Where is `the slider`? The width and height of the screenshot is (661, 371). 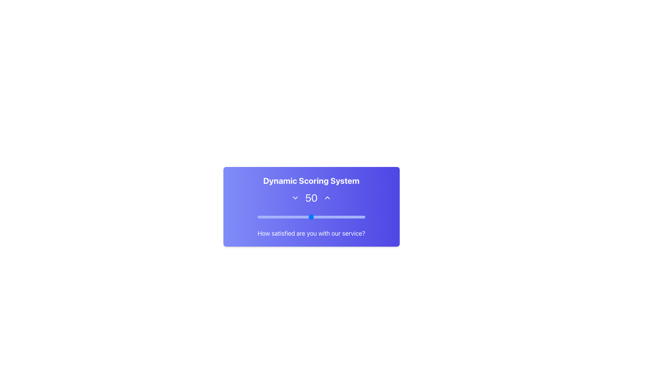
the slider is located at coordinates (271, 215).